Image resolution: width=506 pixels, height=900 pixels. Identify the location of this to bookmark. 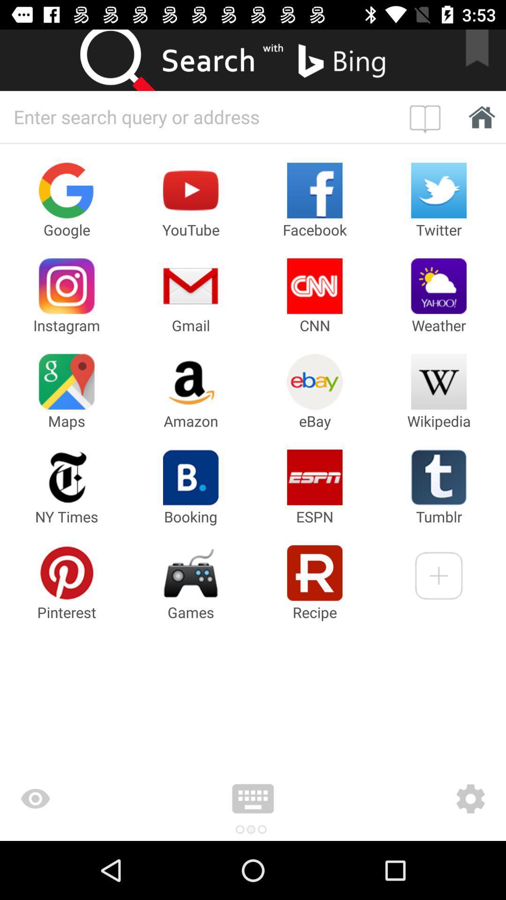
(483, 60).